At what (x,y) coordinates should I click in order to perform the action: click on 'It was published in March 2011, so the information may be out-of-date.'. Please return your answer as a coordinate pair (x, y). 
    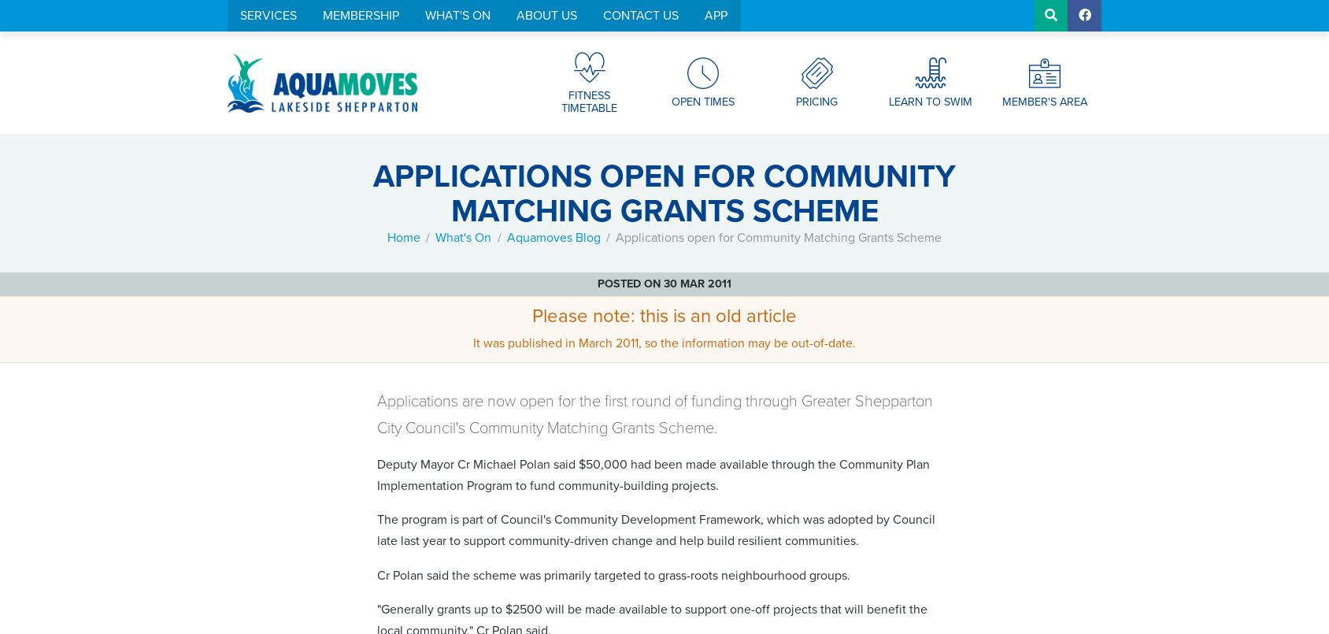
    Looking at the image, I should click on (663, 342).